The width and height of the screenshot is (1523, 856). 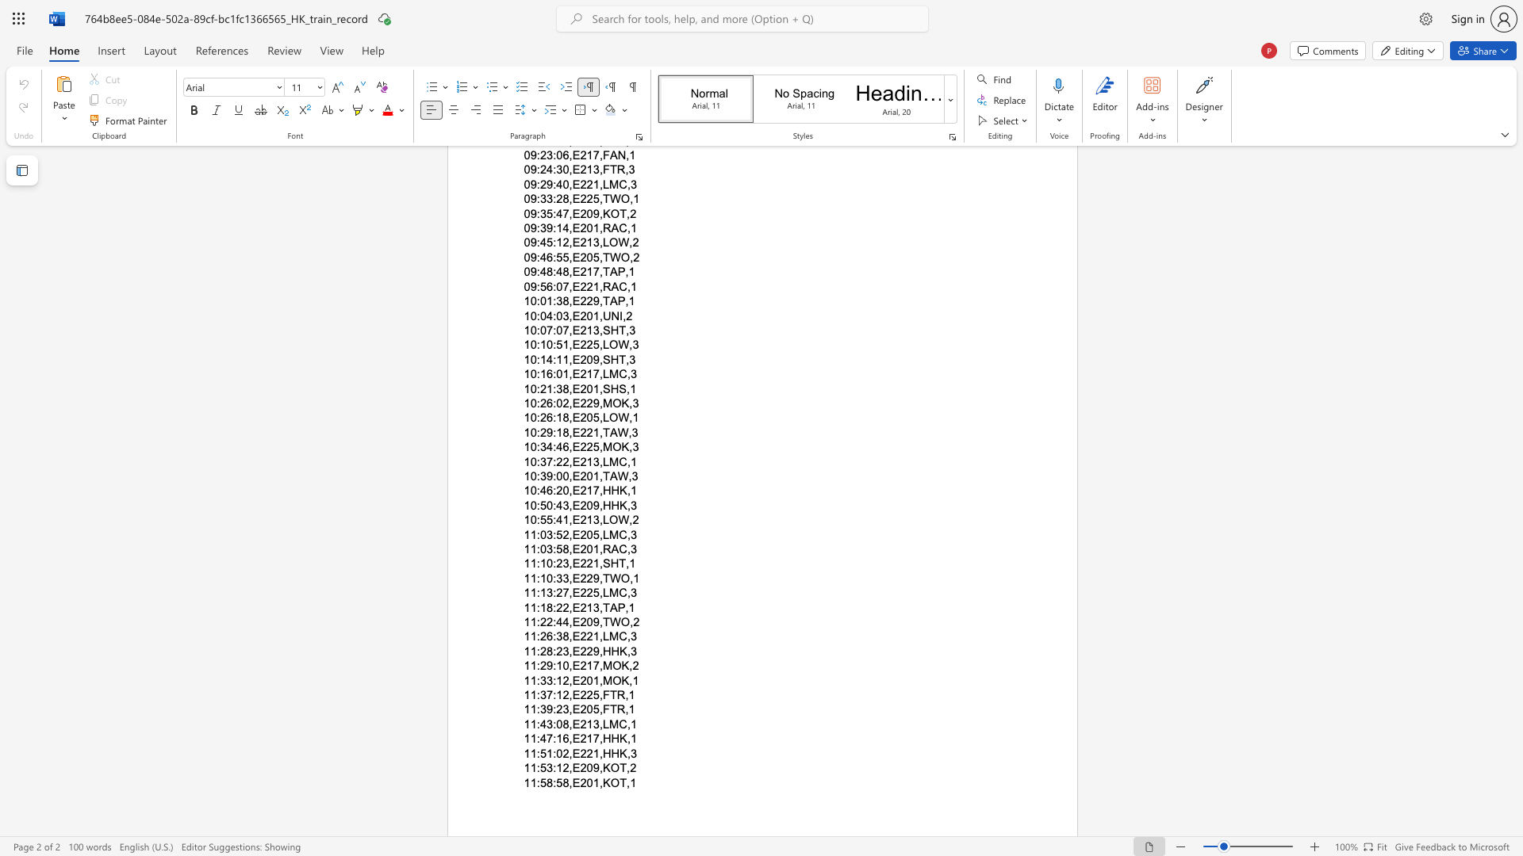 What do you see at coordinates (585, 578) in the screenshot?
I see `the subset text "29,TWO," within the text "11:10:33,E229,TWO,1"` at bounding box center [585, 578].